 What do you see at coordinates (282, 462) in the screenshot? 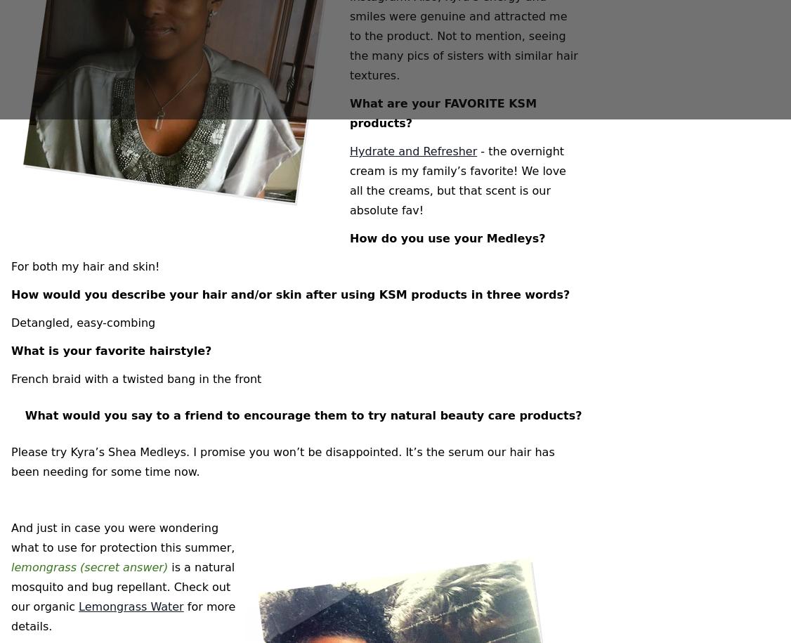
I see `'Please try Kyra’s Shea Medleys. I promise you won’t be disappointed. It’s the serum our hair has been needing for some time now.'` at bounding box center [282, 462].